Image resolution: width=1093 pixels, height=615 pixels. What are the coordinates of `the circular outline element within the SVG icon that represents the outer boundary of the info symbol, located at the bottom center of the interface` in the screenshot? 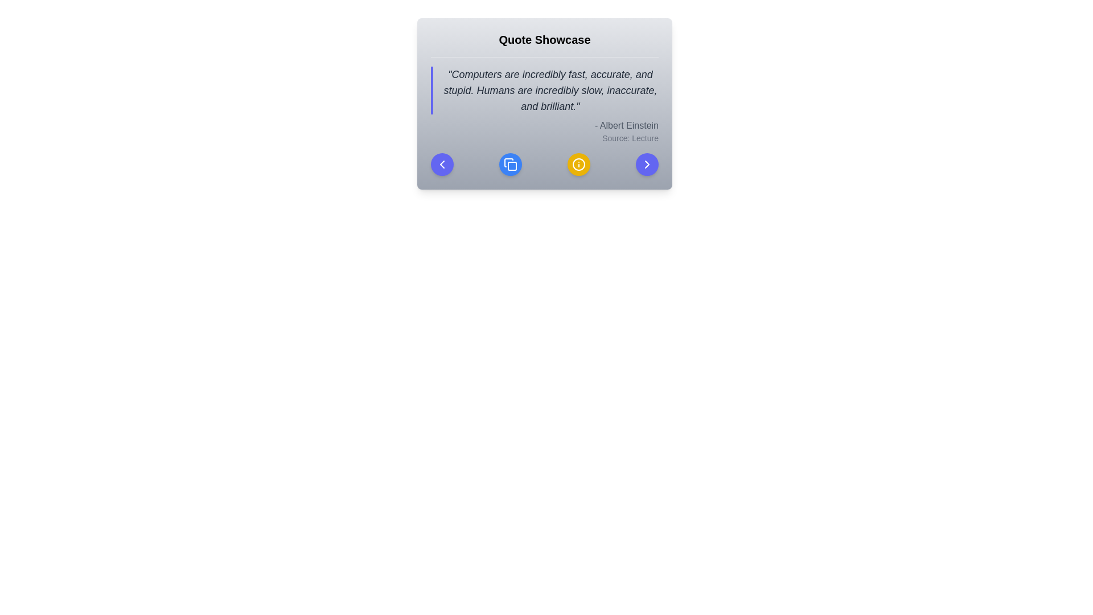 It's located at (579, 165).